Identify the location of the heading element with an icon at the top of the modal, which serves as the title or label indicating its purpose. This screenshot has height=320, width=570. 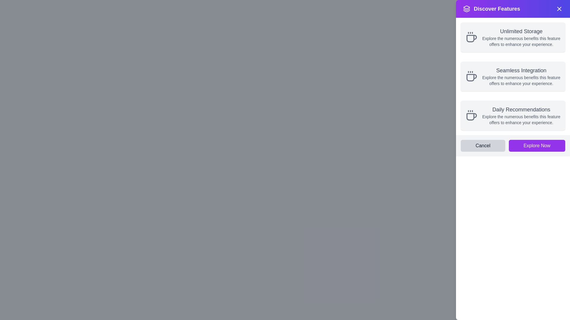
(492, 9).